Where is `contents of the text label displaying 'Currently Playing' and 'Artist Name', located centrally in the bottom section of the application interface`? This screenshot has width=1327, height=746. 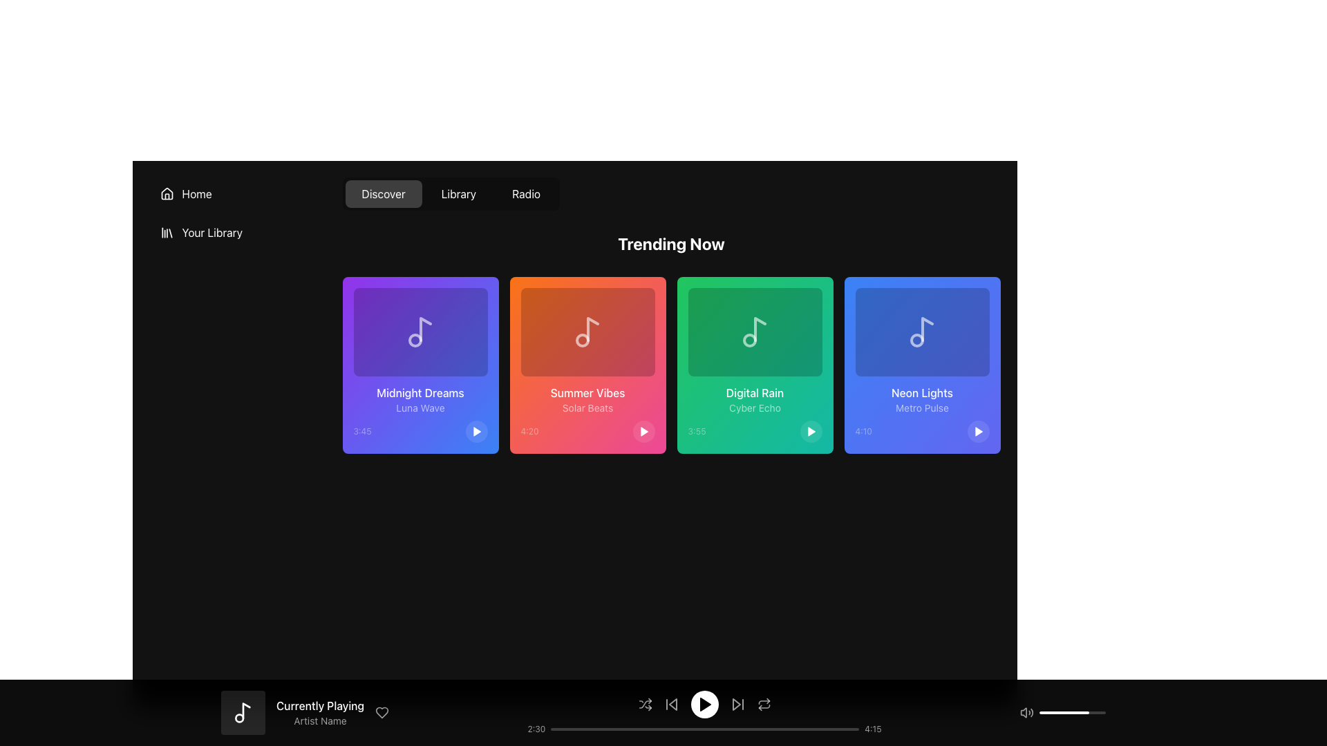
contents of the text label displaying 'Currently Playing' and 'Artist Name', located centrally in the bottom section of the application interface is located at coordinates (319, 713).